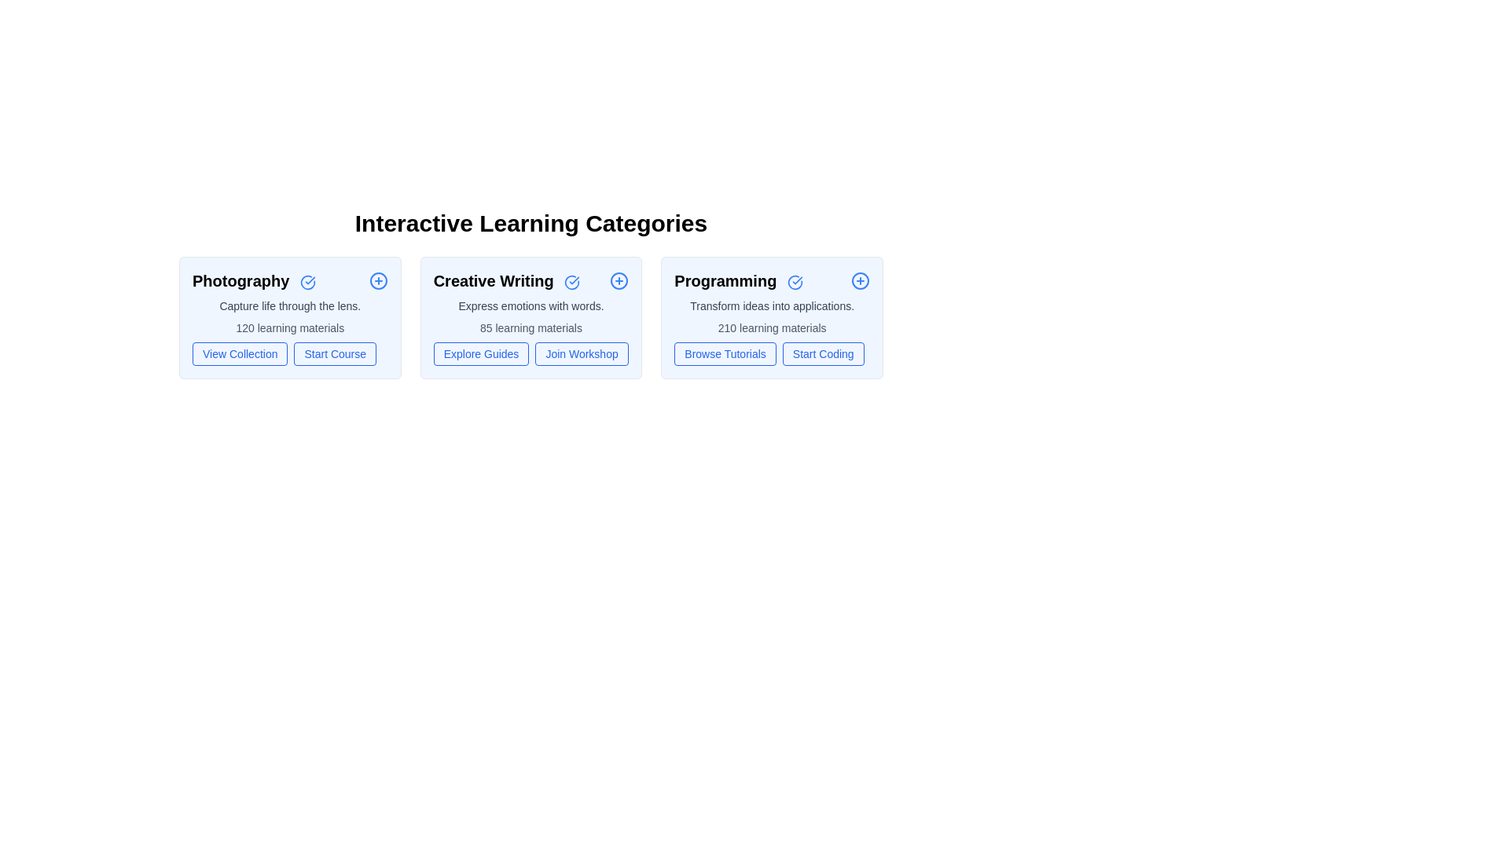  What do you see at coordinates (531, 318) in the screenshot?
I see `the category card for Creative Writing` at bounding box center [531, 318].